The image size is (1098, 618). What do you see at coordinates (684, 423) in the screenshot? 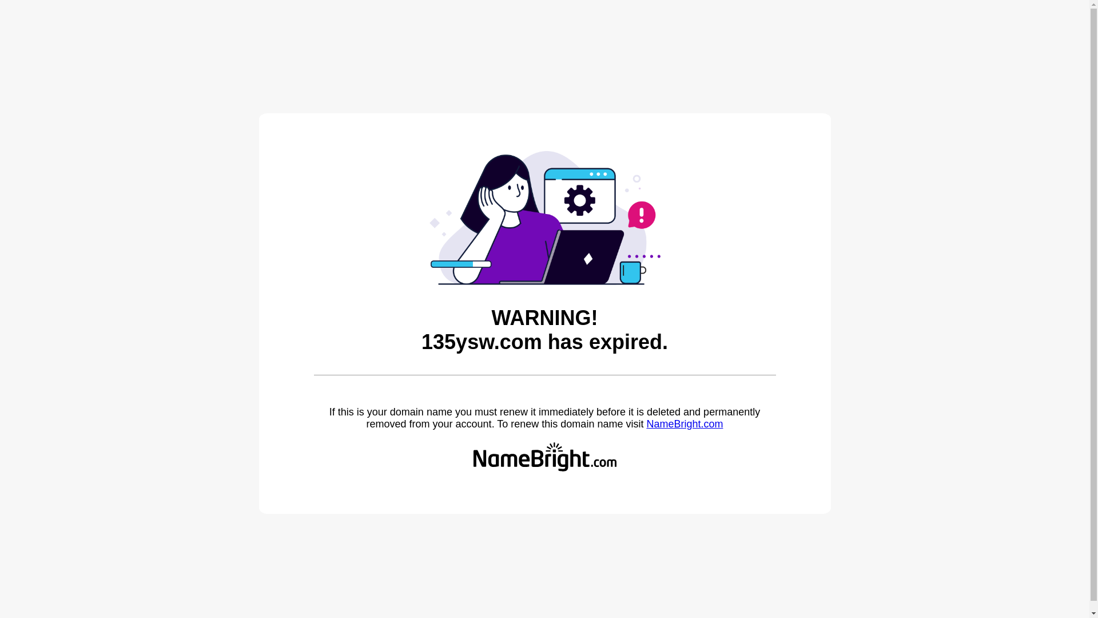
I see `'NameBright.com'` at bounding box center [684, 423].